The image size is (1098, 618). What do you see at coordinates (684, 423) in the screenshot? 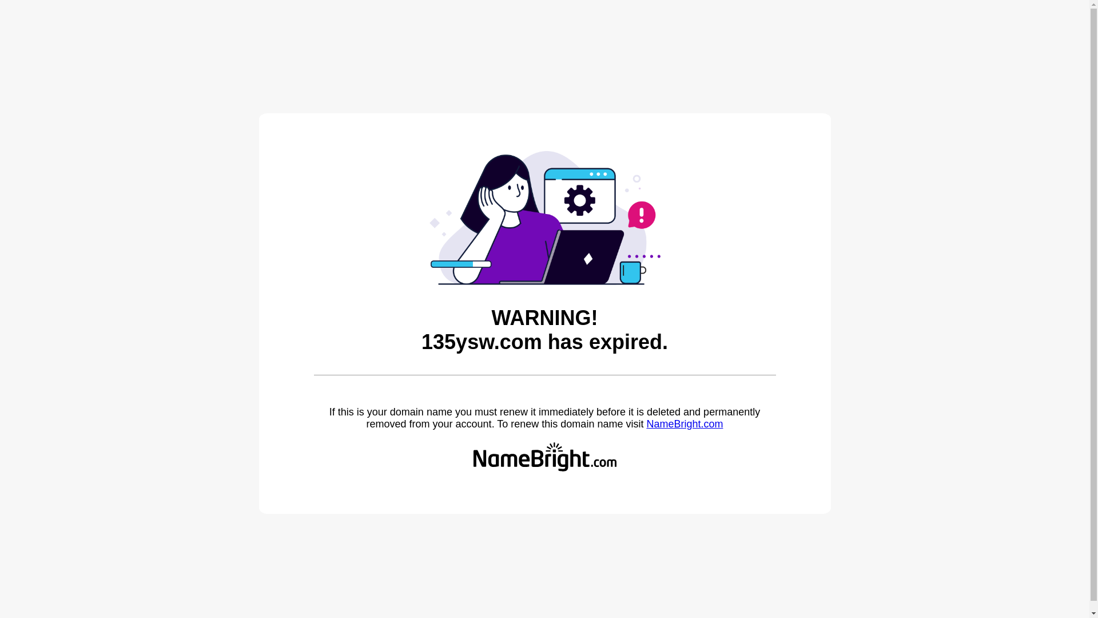
I see `'NameBright.com'` at bounding box center [684, 423].